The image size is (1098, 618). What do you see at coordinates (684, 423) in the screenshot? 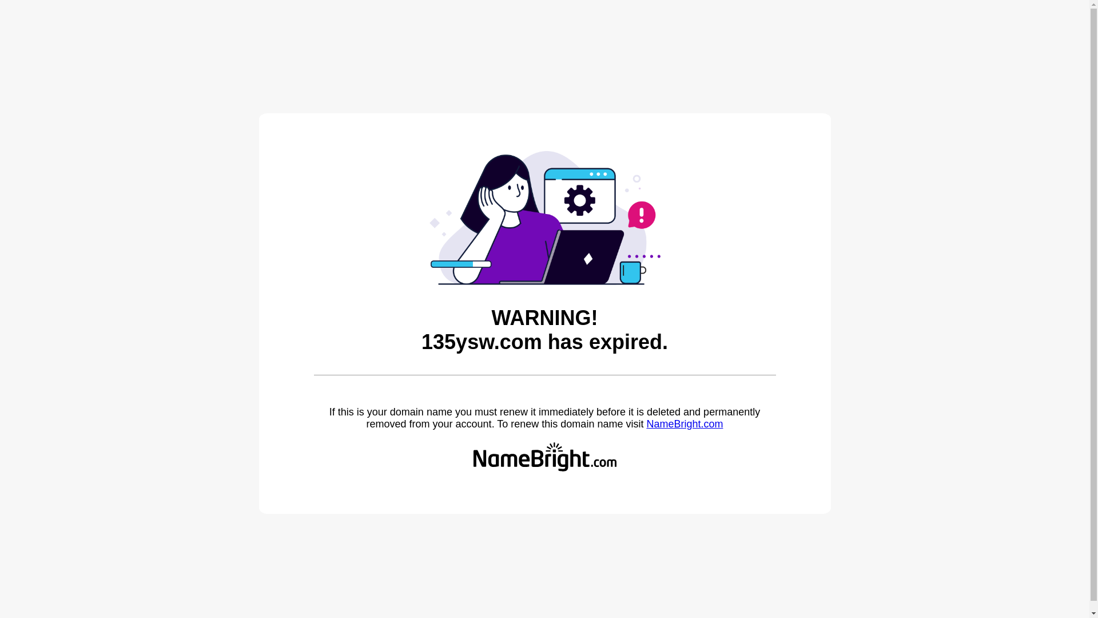
I see `'NameBright.com'` at bounding box center [684, 423].